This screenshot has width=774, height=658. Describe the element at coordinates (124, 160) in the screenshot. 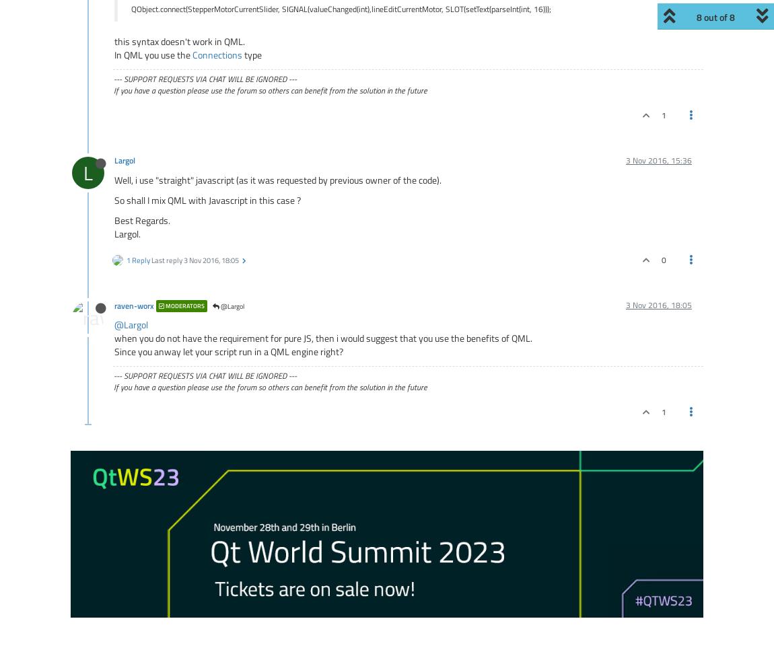

I see `'Largol'` at that location.